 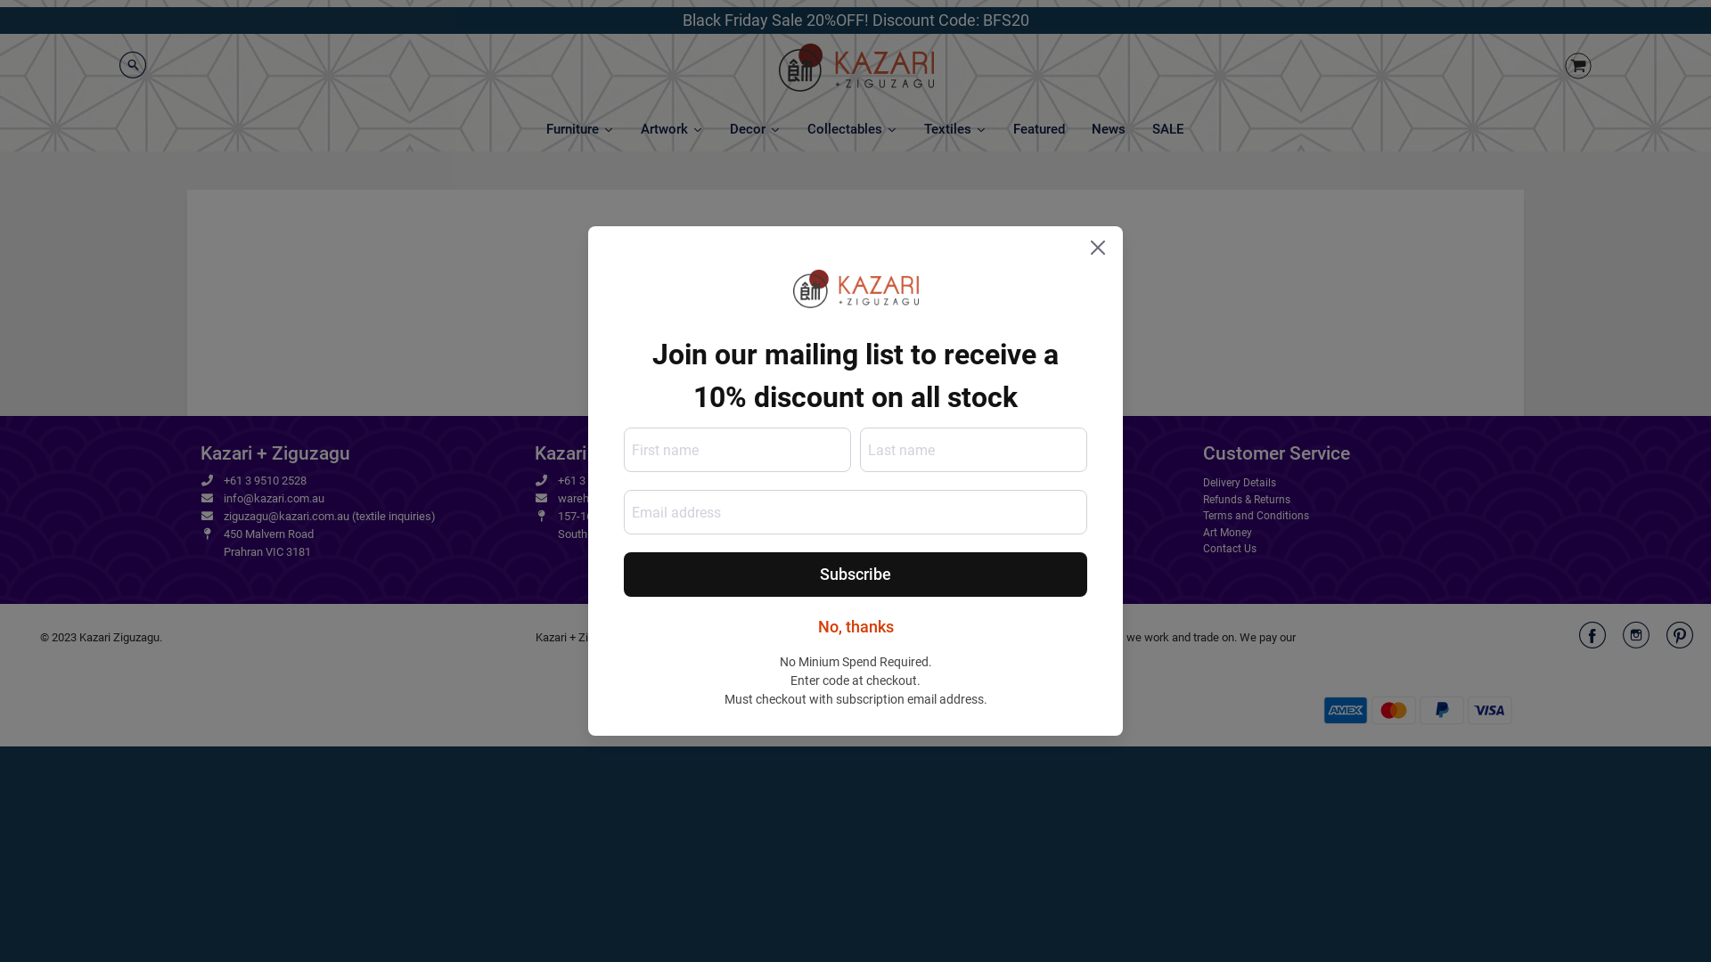 What do you see at coordinates (626, 498) in the screenshot?
I see `'warehouse@kazari.com.au'` at bounding box center [626, 498].